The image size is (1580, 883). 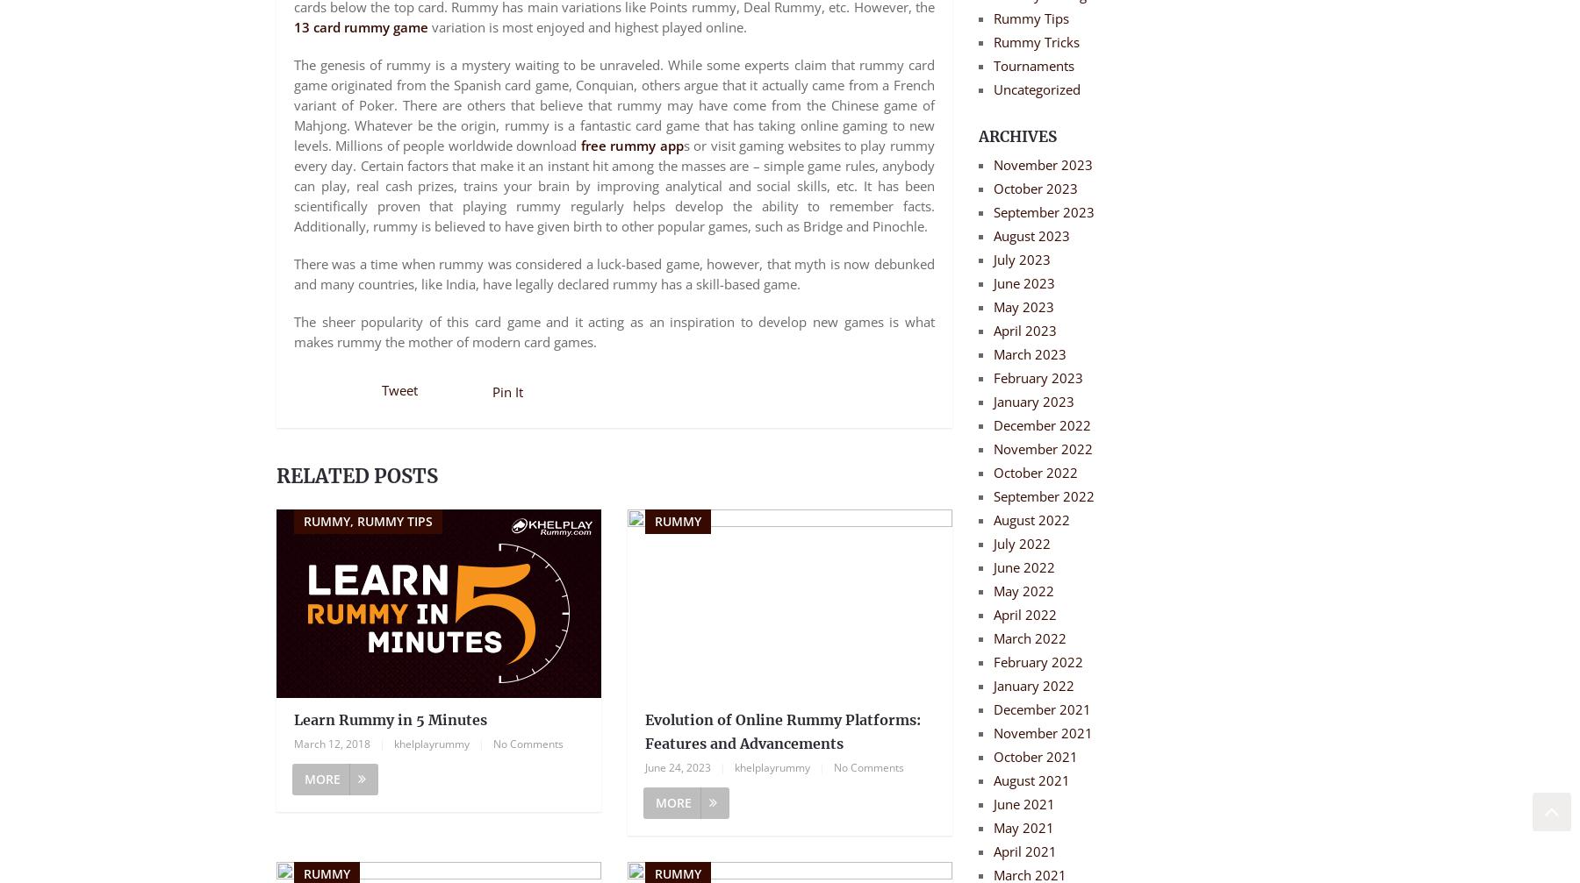 What do you see at coordinates (613, 274) in the screenshot?
I see `'There was a time when rummy was considered a luck-based game, however, that myth is now debunked and many countries, like India, have legally declared rummy has a skill-based game.'` at bounding box center [613, 274].